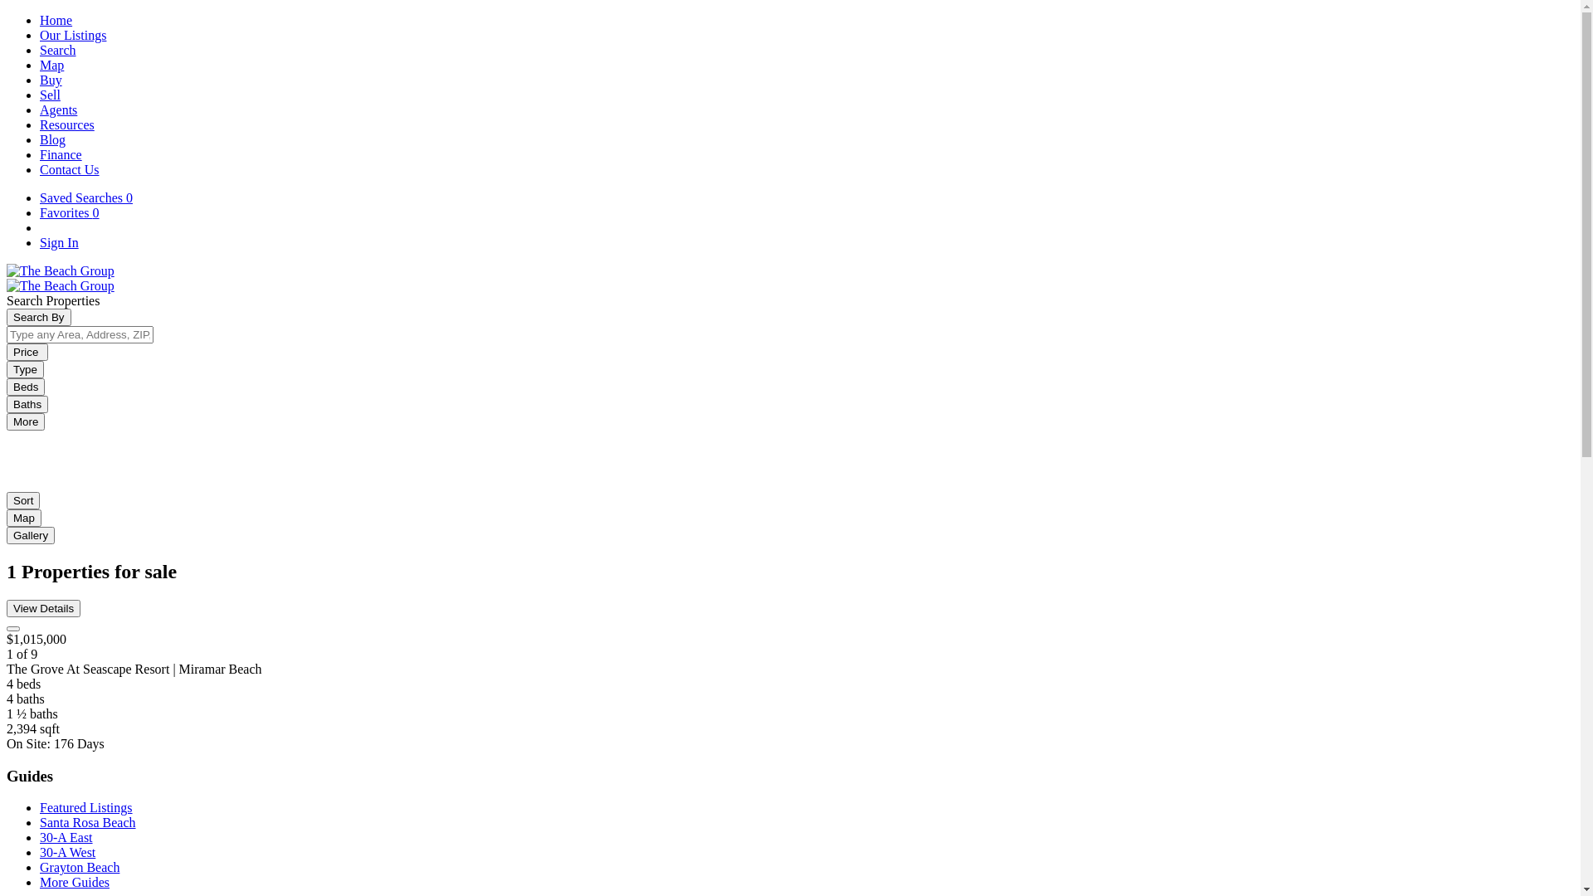 Image resolution: width=1593 pixels, height=896 pixels. I want to click on 'Search By', so click(39, 317).